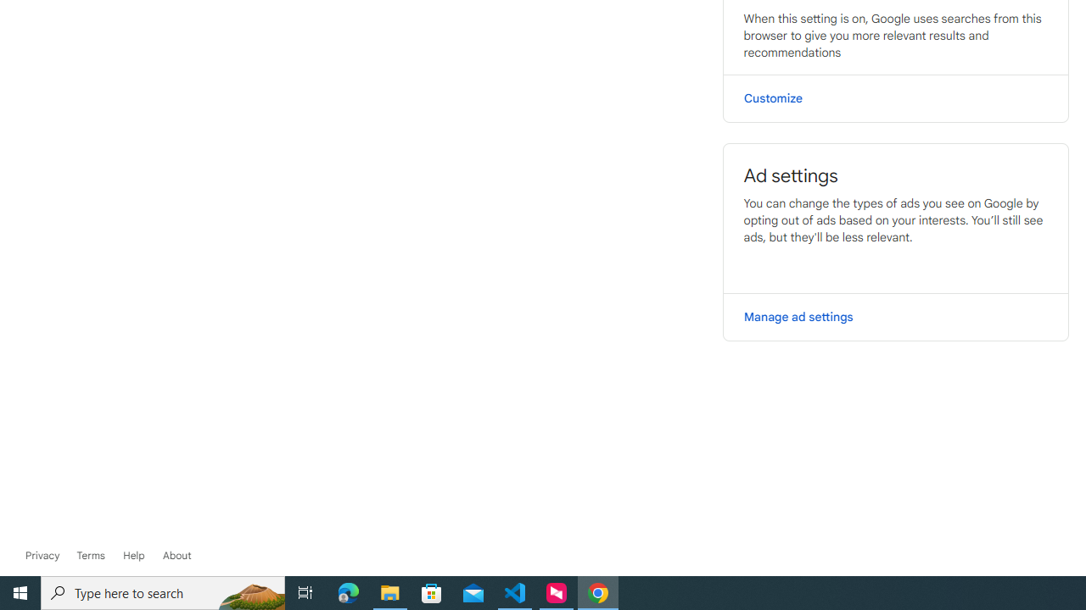  Describe the element at coordinates (895, 98) in the screenshot. I see `'Customize'` at that location.